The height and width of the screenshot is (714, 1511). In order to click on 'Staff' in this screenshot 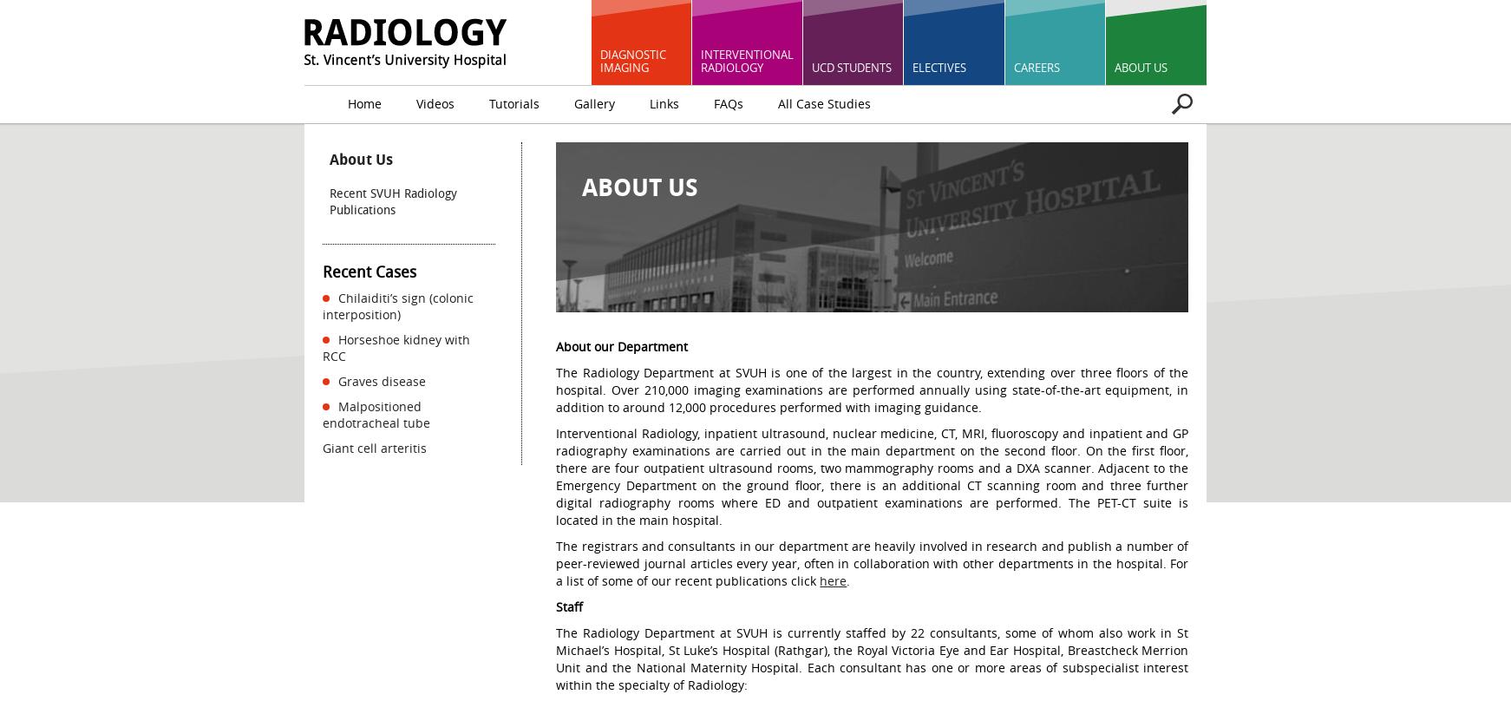, I will do `click(568, 606)`.